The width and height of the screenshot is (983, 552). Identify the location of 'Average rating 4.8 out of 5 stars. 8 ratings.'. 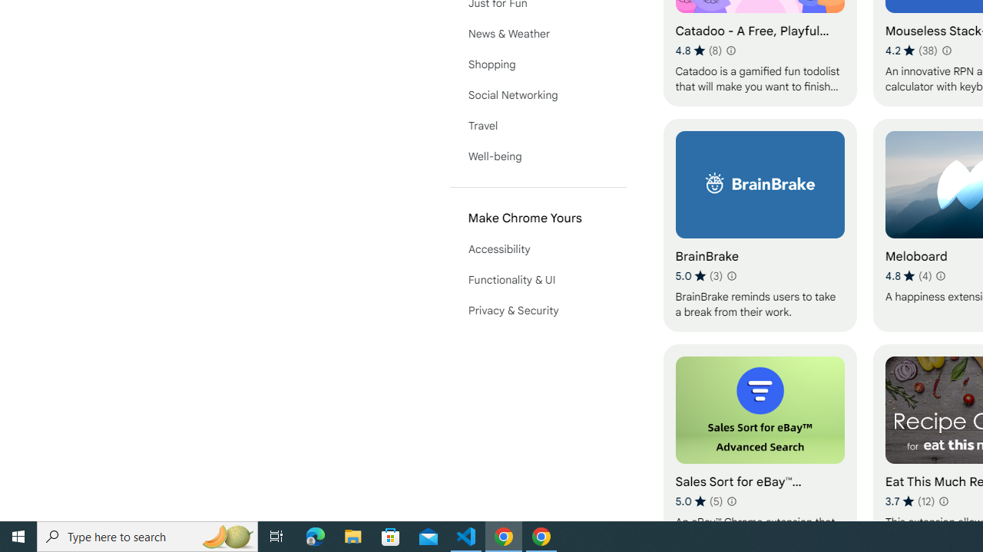
(698, 50).